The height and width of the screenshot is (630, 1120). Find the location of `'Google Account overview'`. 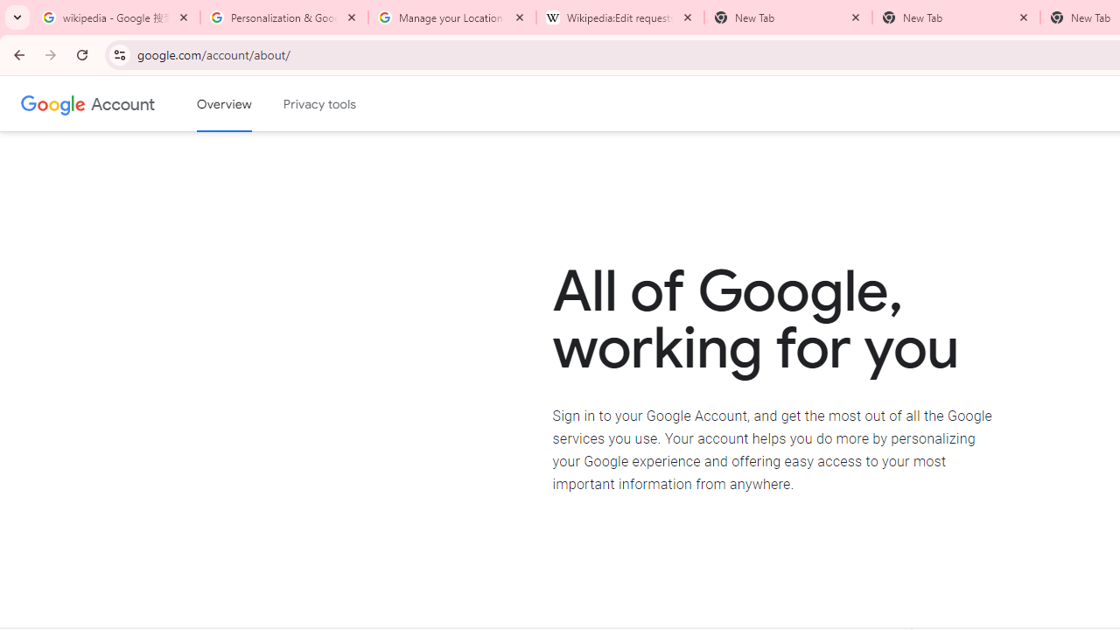

'Google Account overview' is located at coordinates (223, 104).